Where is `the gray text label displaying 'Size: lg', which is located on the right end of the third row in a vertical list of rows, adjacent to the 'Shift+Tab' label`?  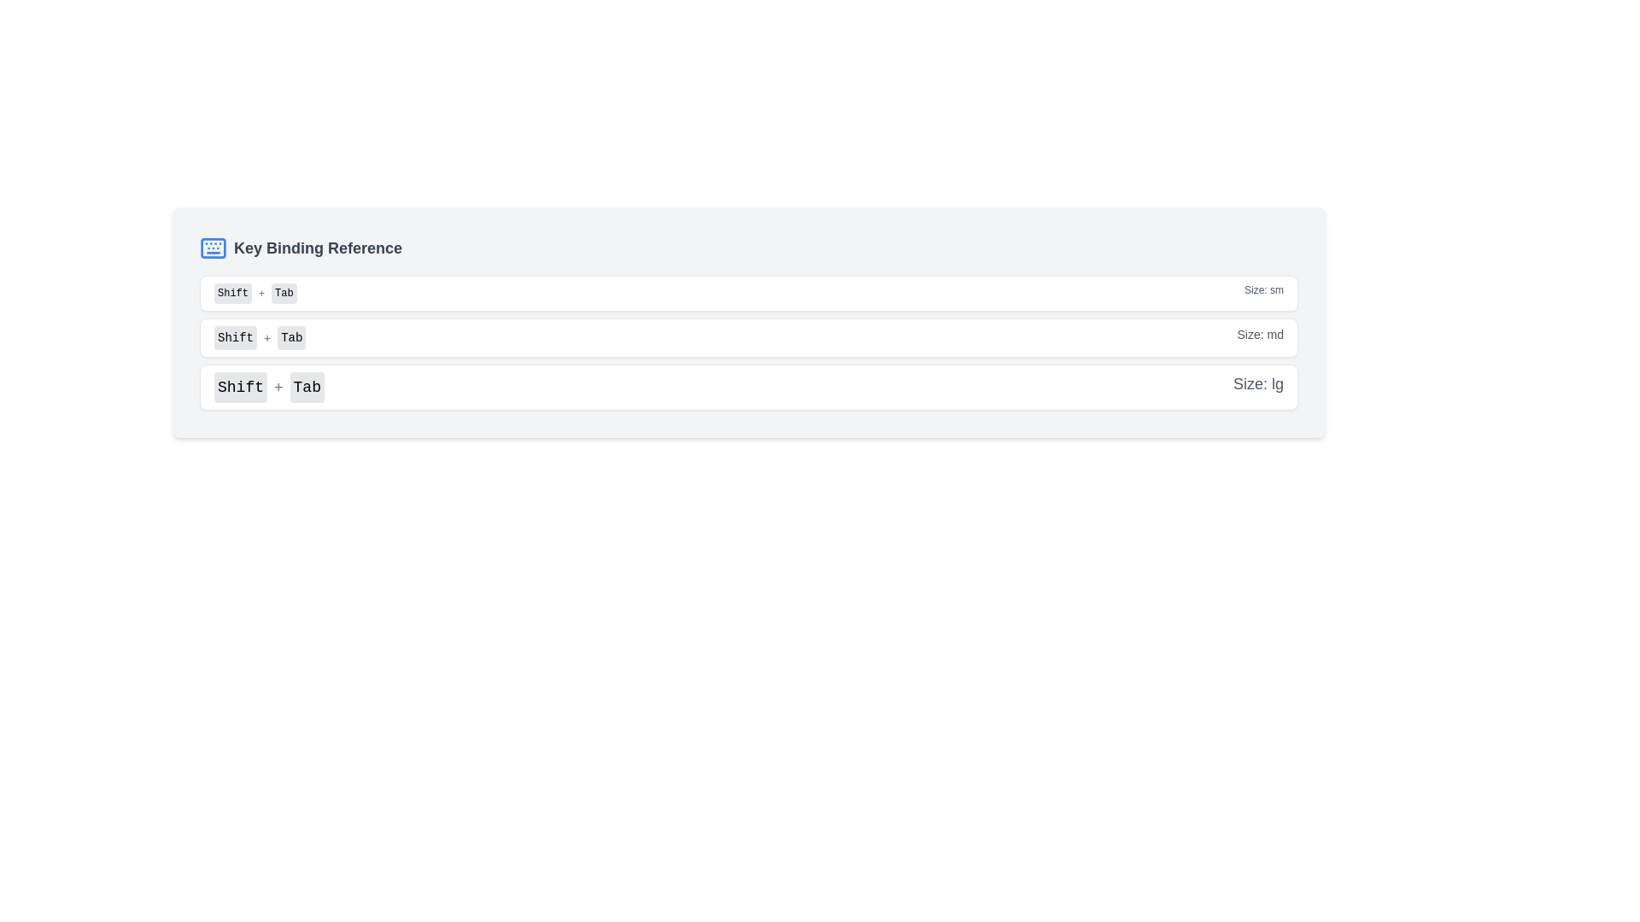
the gray text label displaying 'Size: lg', which is located on the right end of the third row in a vertical list of rows, adjacent to the 'Shift+Tab' label is located at coordinates (1258, 388).